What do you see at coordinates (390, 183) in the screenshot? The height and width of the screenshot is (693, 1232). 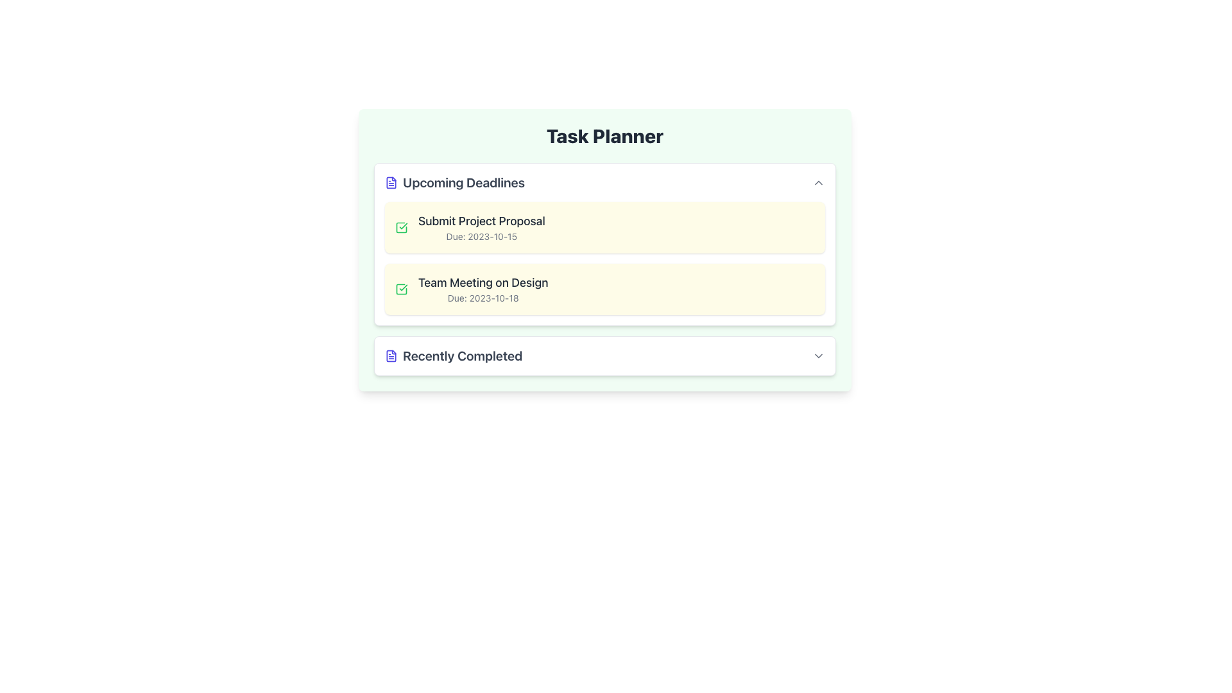 I see `the static icon representing 'Upcoming Deadlines' located to the left of the heading` at bounding box center [390, 183].